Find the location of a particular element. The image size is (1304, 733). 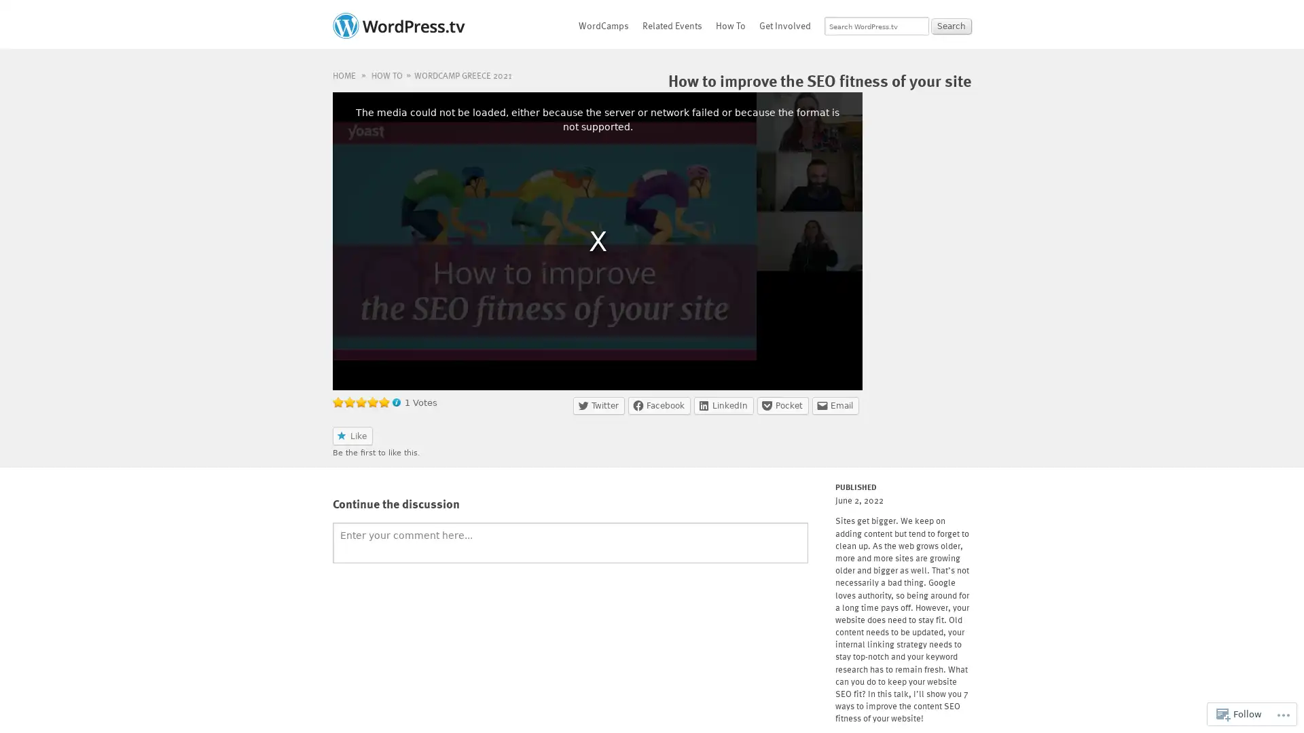

Search is located at coordinates (951, 26).